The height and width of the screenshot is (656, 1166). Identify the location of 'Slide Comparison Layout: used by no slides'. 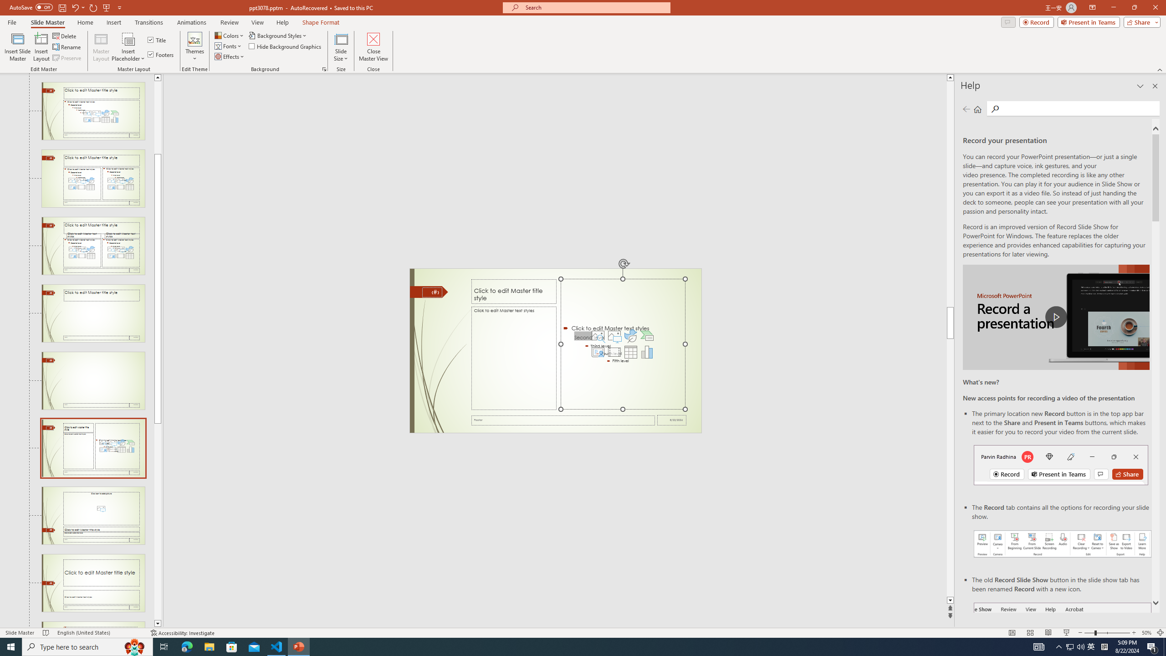
(92, 246).